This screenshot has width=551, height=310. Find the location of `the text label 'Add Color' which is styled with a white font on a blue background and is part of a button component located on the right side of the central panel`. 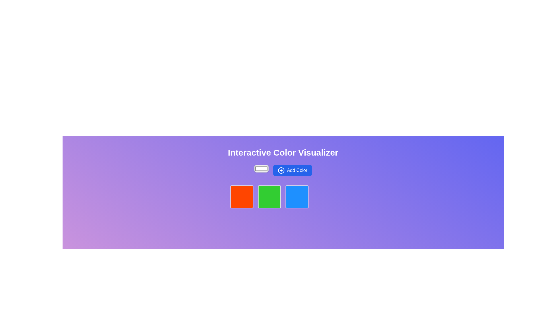

the text label 'Add Color' which is styled with a white font on a blue background and is part of a button component located on the right side of the central panel is located at coordinates (297, 170).